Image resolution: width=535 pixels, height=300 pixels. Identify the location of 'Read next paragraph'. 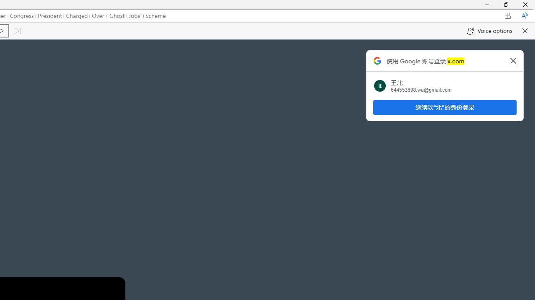
(17, 30).